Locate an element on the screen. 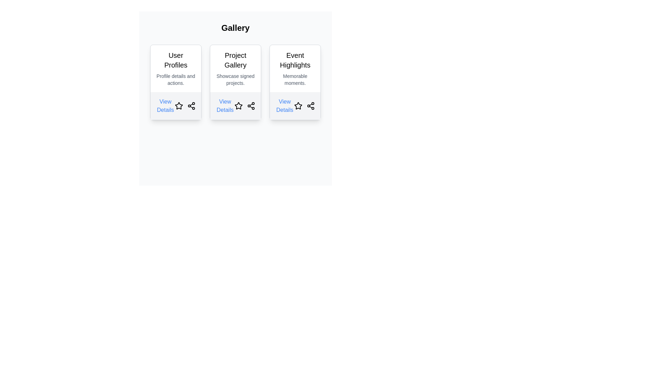 The width and height of the screenshot is (666, 374). the text label positioned at the top-center of the middle card in a three-card layout, which serves as a title for the section below it is located at coordinates (235, 60).